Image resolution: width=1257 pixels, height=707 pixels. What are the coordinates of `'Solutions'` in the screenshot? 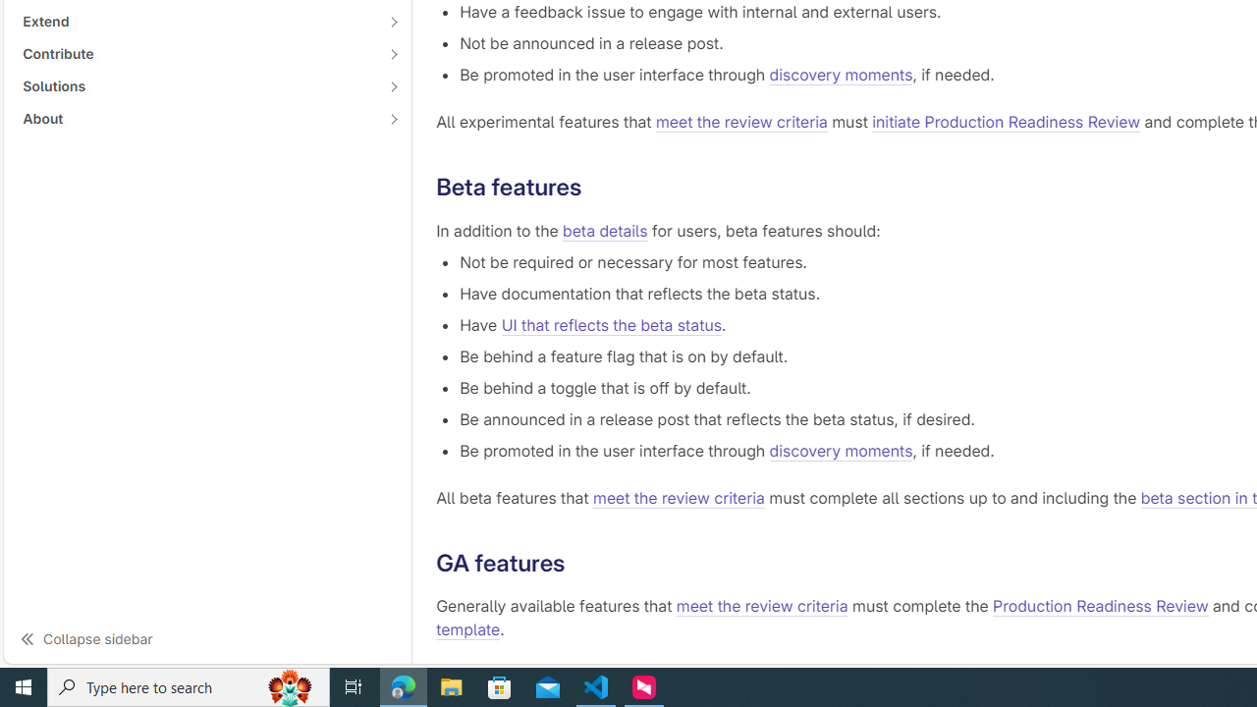 It's located at (196, 84).